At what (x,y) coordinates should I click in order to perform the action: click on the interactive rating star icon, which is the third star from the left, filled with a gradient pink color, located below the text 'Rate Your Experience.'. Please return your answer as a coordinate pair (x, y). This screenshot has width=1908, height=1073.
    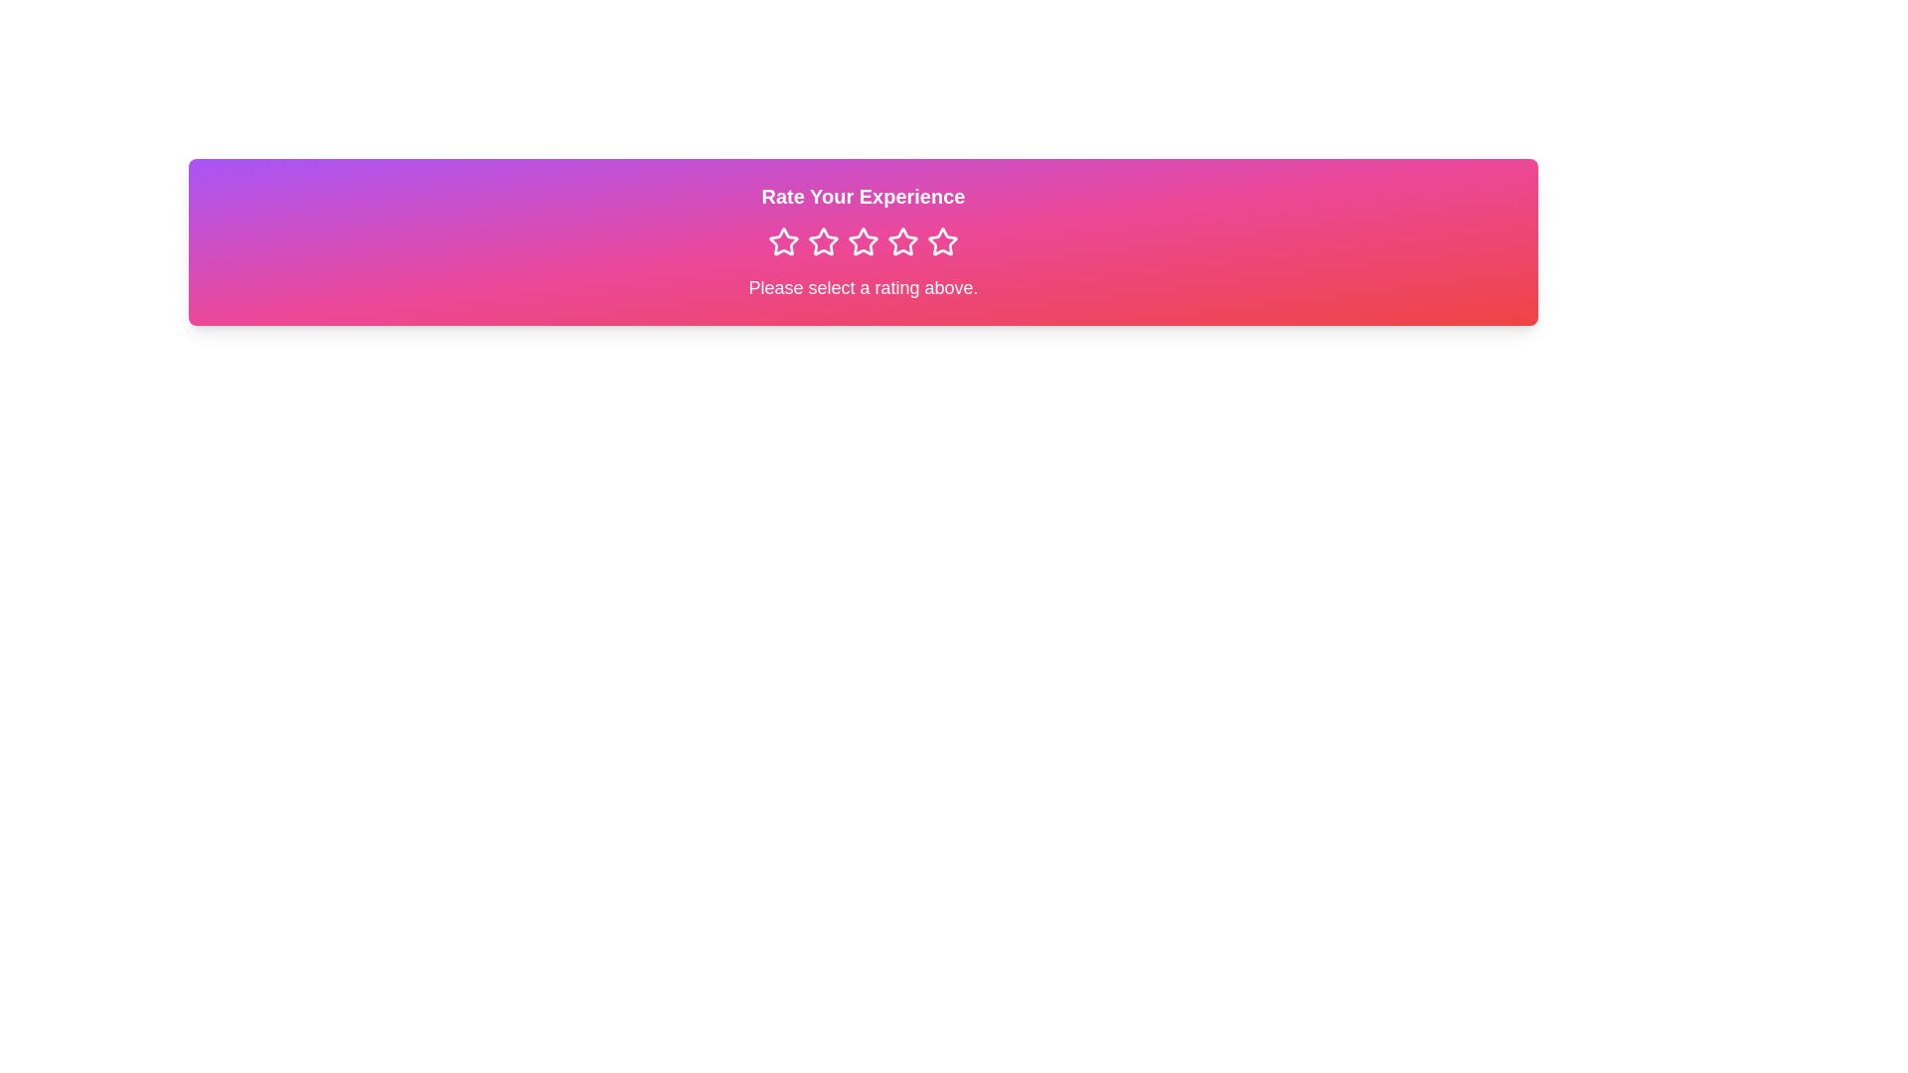
    Looking at the image, I should click on (863, 240).